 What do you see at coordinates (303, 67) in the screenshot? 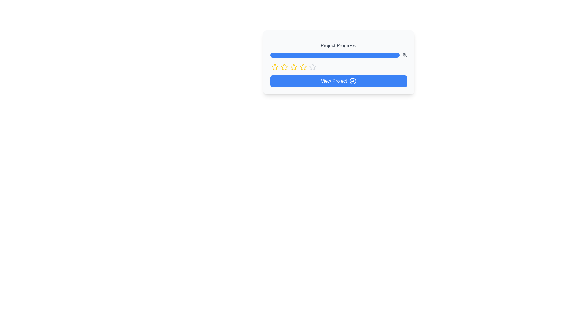
I see `the fourth star icon in the rating system` at bounding box center [303, 67].